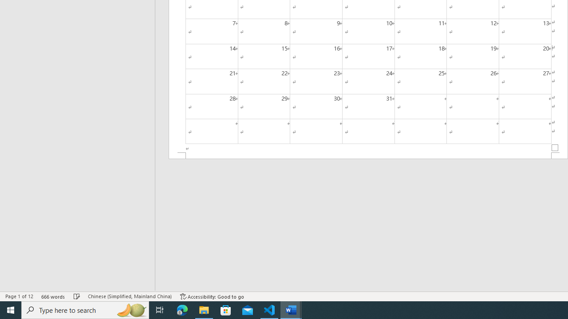 The height and width of the screenshot is (319, 568). Describe the element at coordinates (53, 296) in the screenshot. I see `'Word Count 666 words'` at that location.